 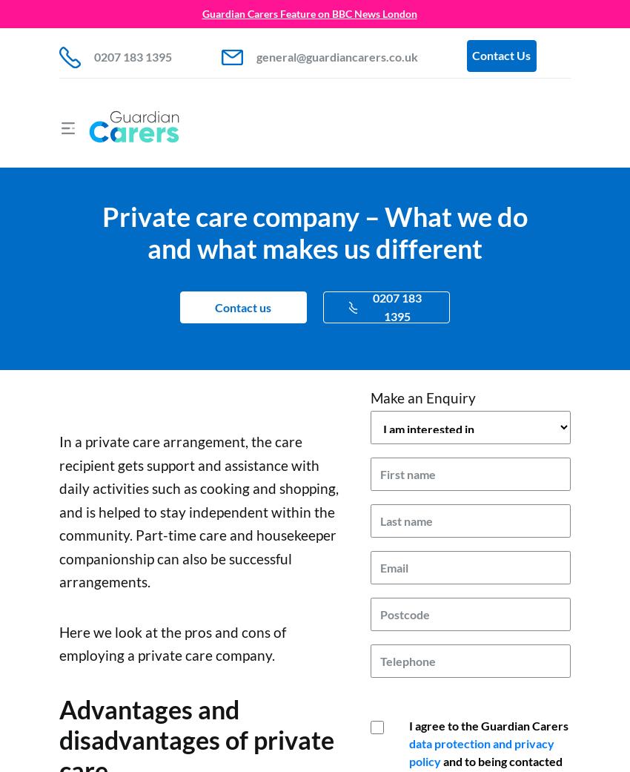 What do you see at coordinates (488, 725) in the screenshot?
I see `'I agree to the Guardian Carers'` at bounding box center [488, 725].